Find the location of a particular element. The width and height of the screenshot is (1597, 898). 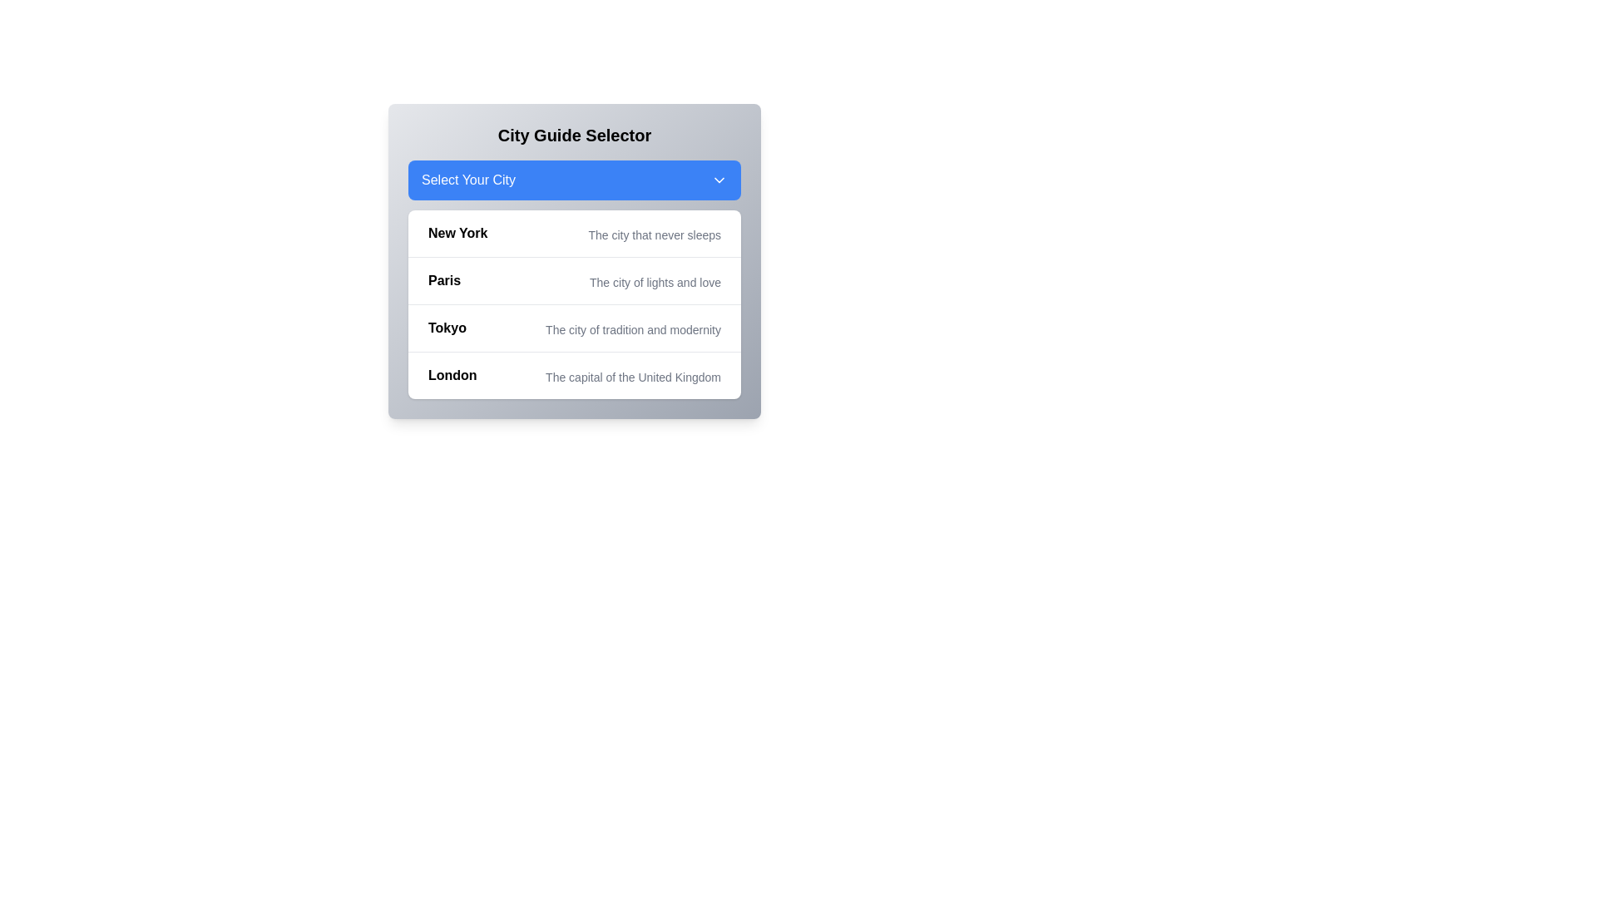

the list item displaying 'Paris' with bold title and smaller subtitle, which is the second item in the vertical list is located at coordinates (575, 279).